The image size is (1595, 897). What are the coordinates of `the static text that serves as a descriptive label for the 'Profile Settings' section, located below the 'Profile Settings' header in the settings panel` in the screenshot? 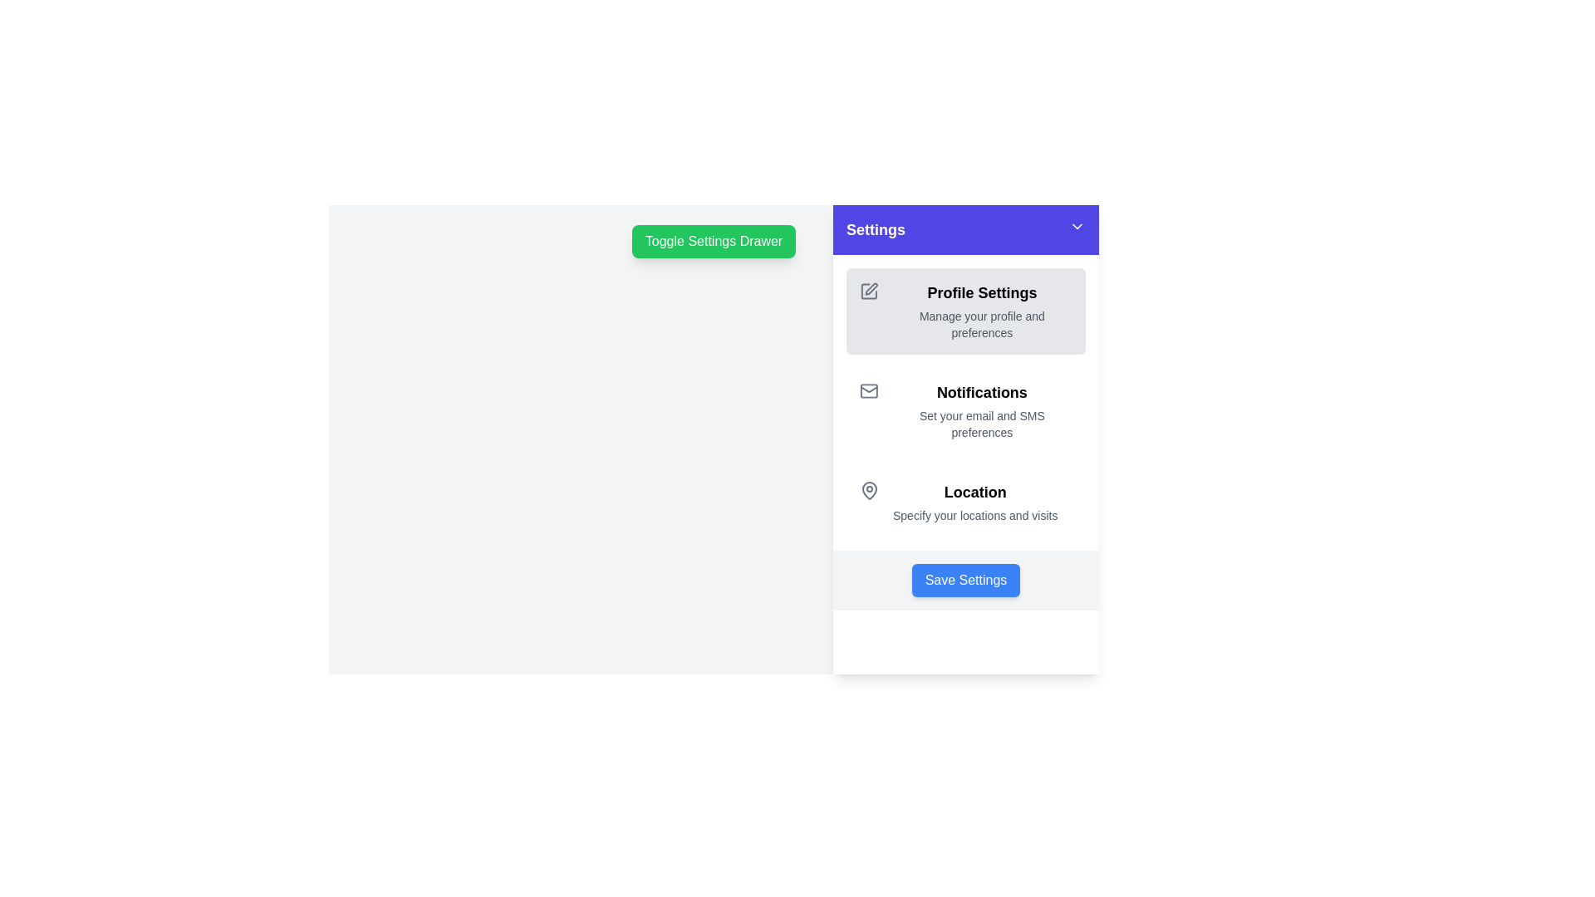 It's located at (982, 324).